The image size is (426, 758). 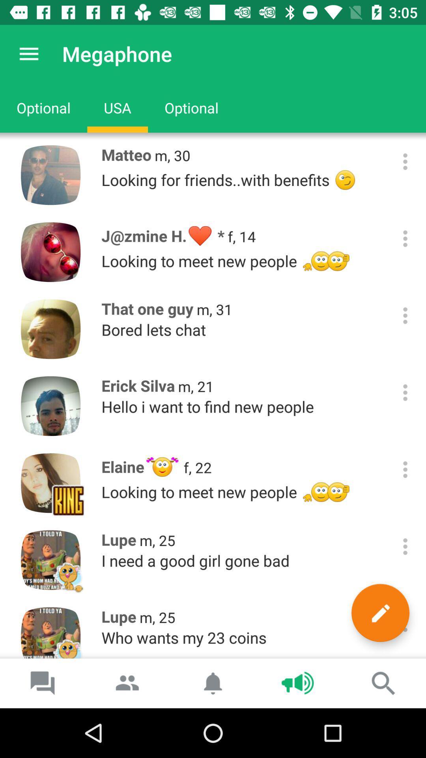 What do you see at coordinates (380, 612) in the screenshot?
I see `the icon to the right of m, 25 item` at bounding box center [380, 612].